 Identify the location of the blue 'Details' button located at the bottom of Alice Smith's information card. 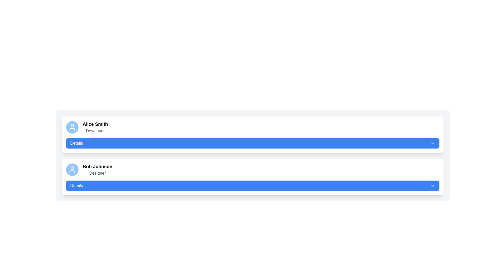
(253, 143).